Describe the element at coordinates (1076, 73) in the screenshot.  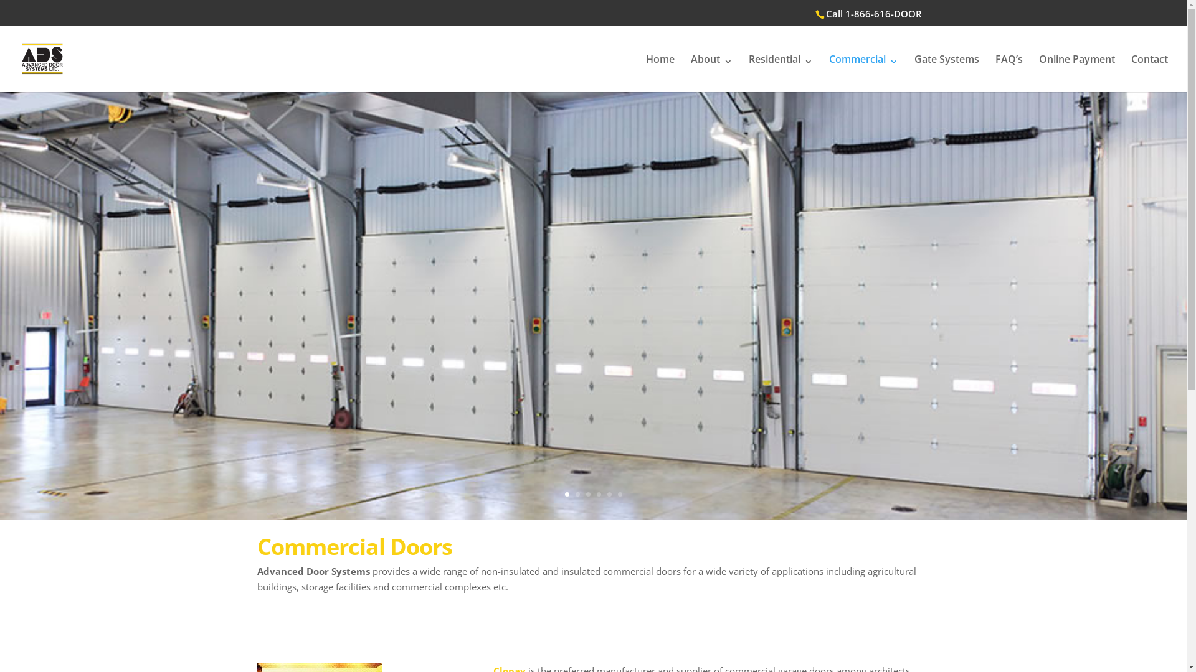
I see `'Online Payment'` at that location.